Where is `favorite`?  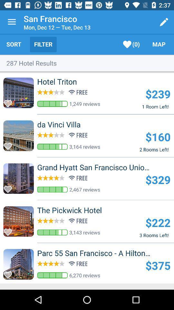
favorite is located at coordinates (9, 230).